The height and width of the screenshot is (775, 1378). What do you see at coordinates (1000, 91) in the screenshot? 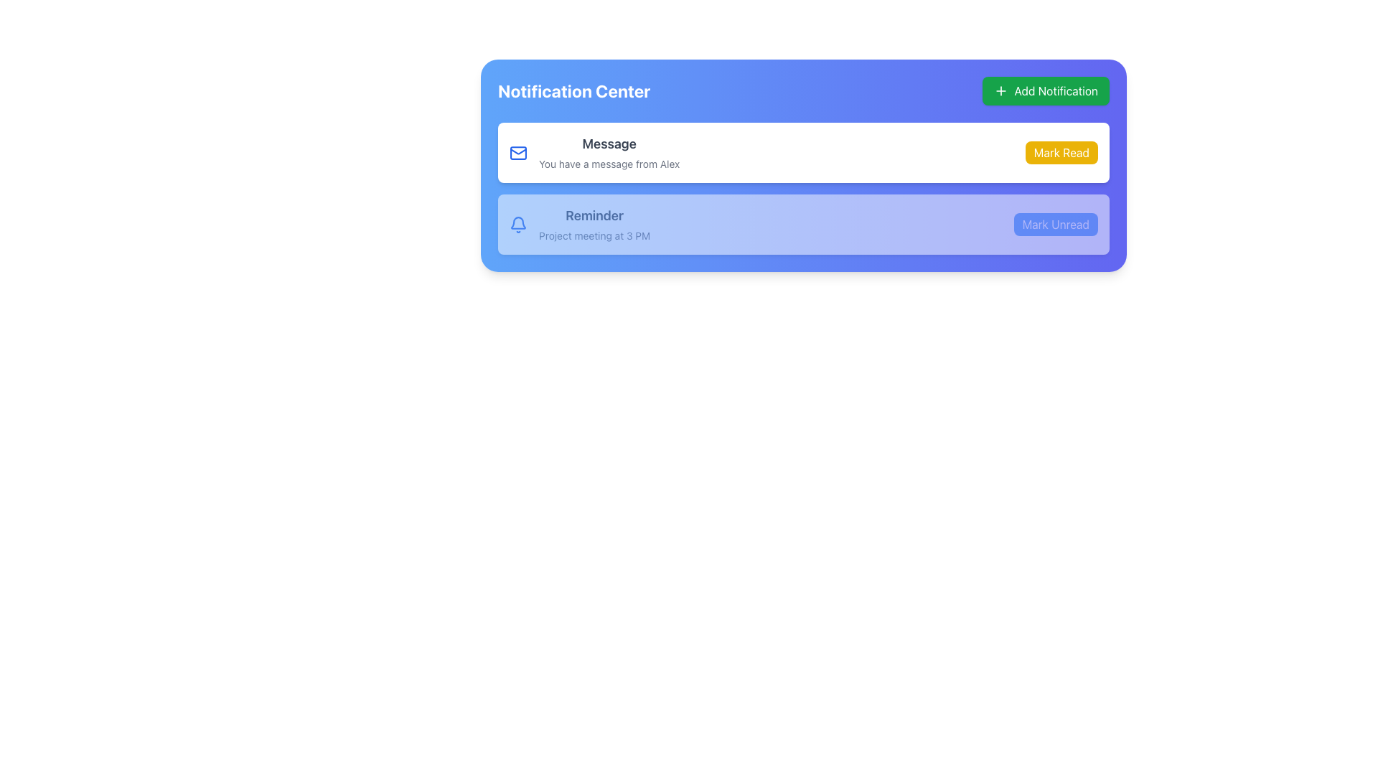
I see `the plus sign icon located on the left side of the green 'Add Notification' button` at bounding box center [1000, 91].